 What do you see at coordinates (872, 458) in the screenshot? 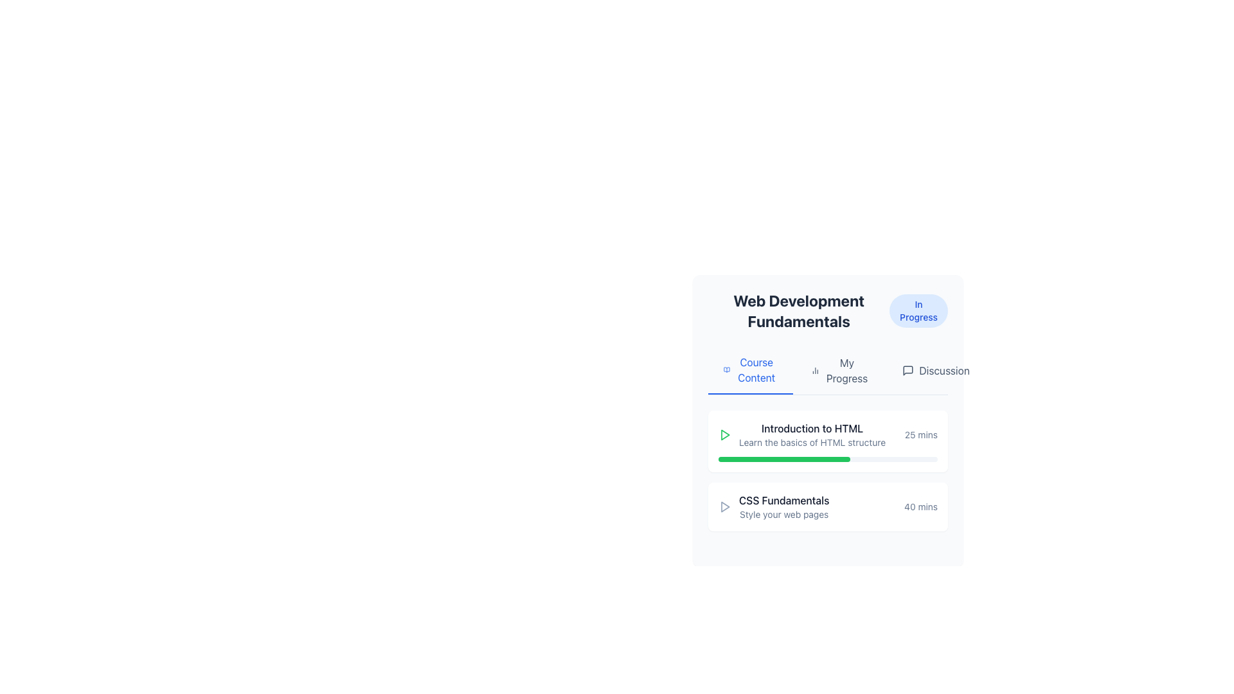
I see `progress bar completion` at bounding box center [872, 458].